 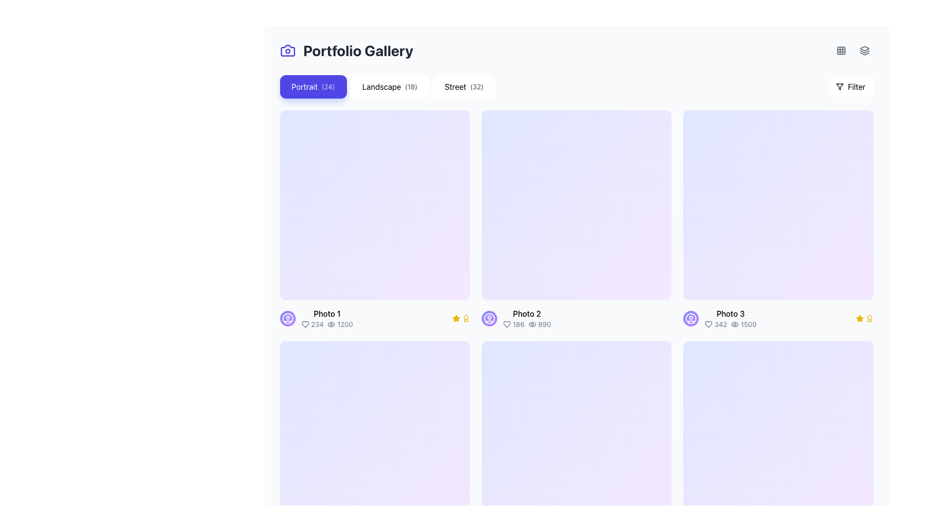 I want to click on numerical statistics displayed for likes and views in the Statistic display located at the bottom center of the 'Photo 2' section, so click(x=526, y=324).